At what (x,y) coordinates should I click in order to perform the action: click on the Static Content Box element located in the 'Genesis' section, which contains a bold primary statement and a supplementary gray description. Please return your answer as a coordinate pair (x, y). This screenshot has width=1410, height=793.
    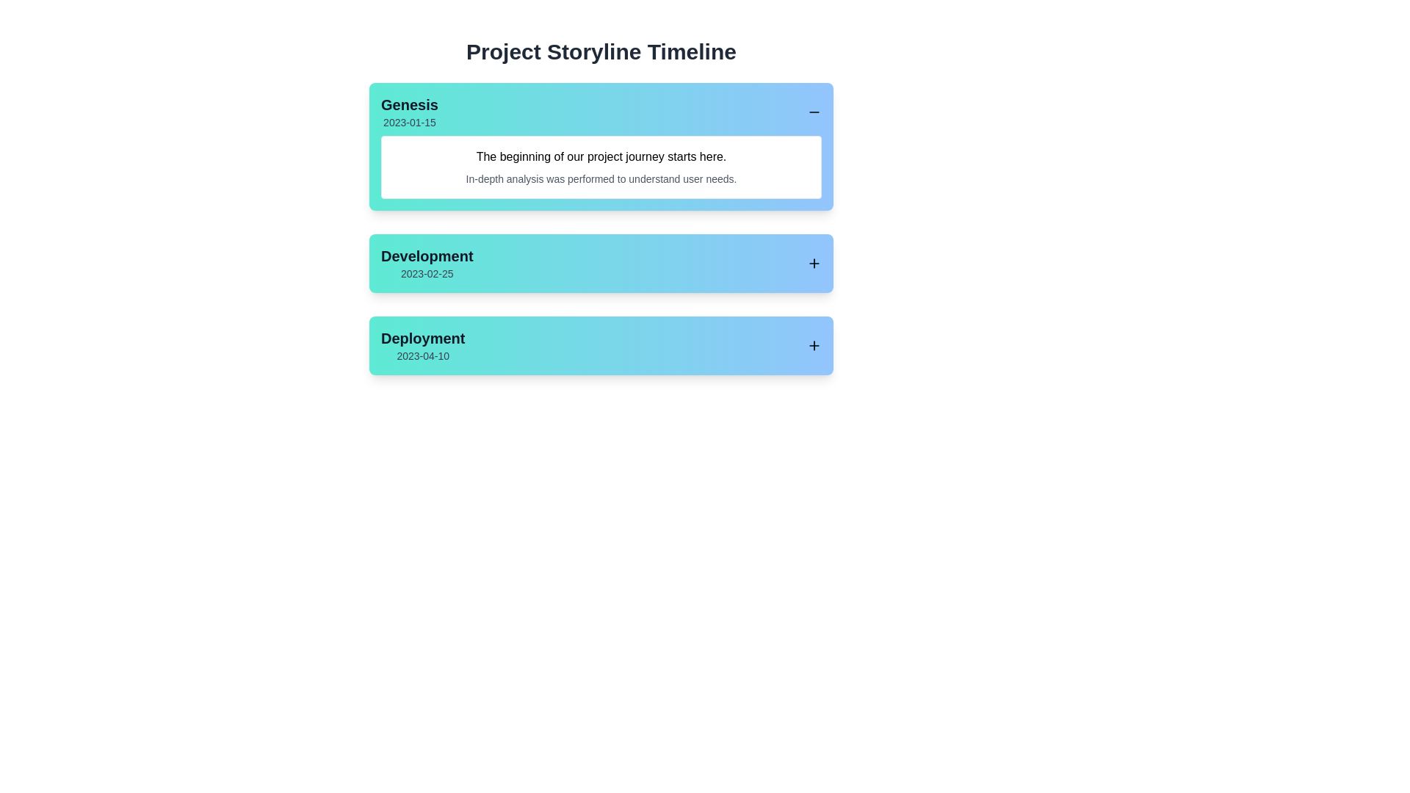
    Looking at the image, I should click on (601, 166).